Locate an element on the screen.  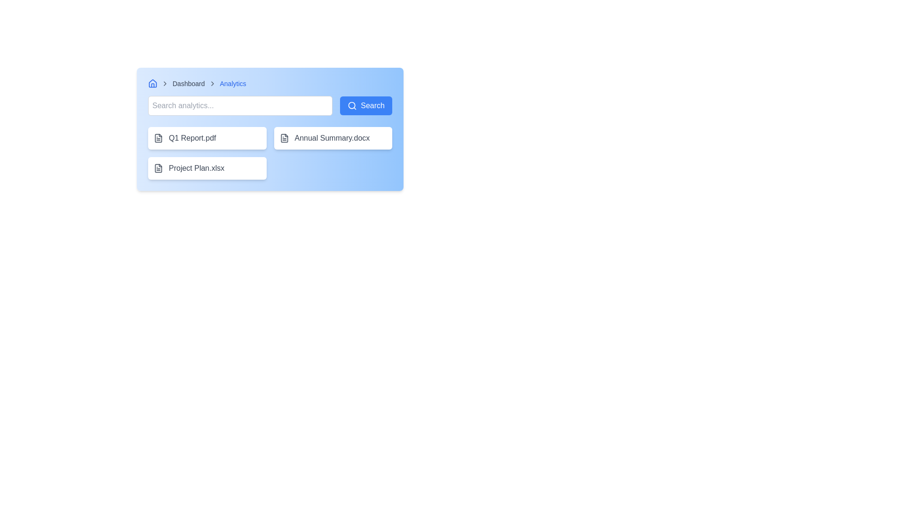
the document file icon within the SVG graphic is located at coordinates (284, 138).